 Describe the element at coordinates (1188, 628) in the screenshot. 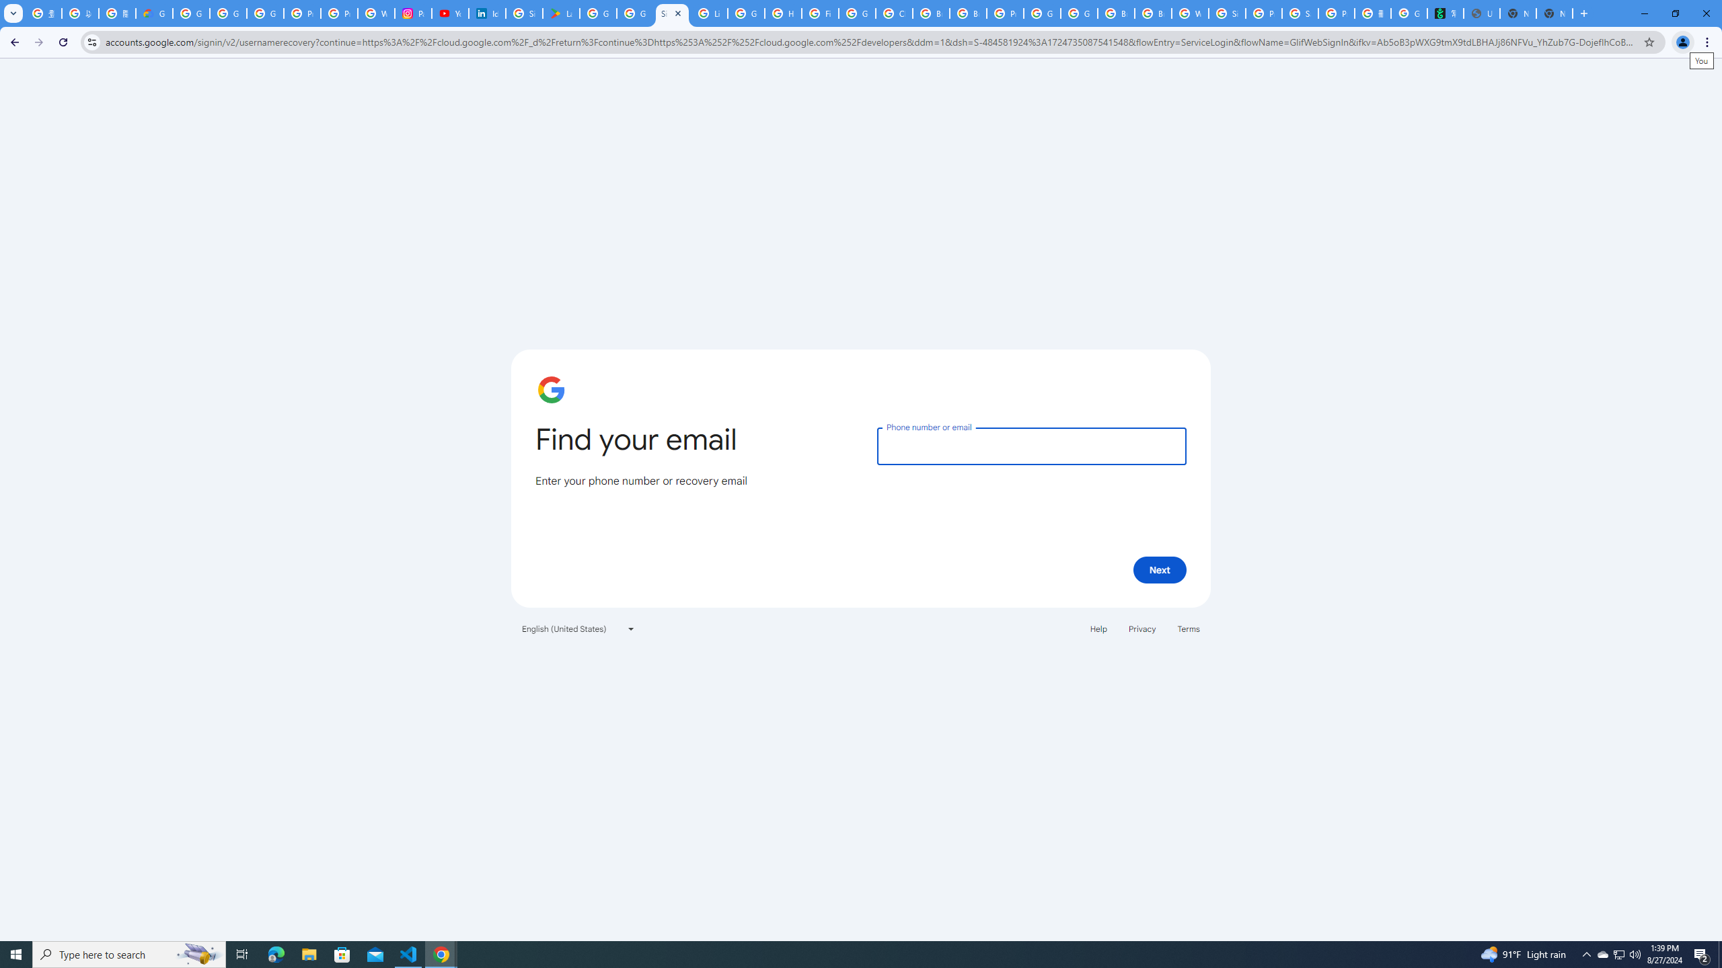

I see `'Terms'` at that location.